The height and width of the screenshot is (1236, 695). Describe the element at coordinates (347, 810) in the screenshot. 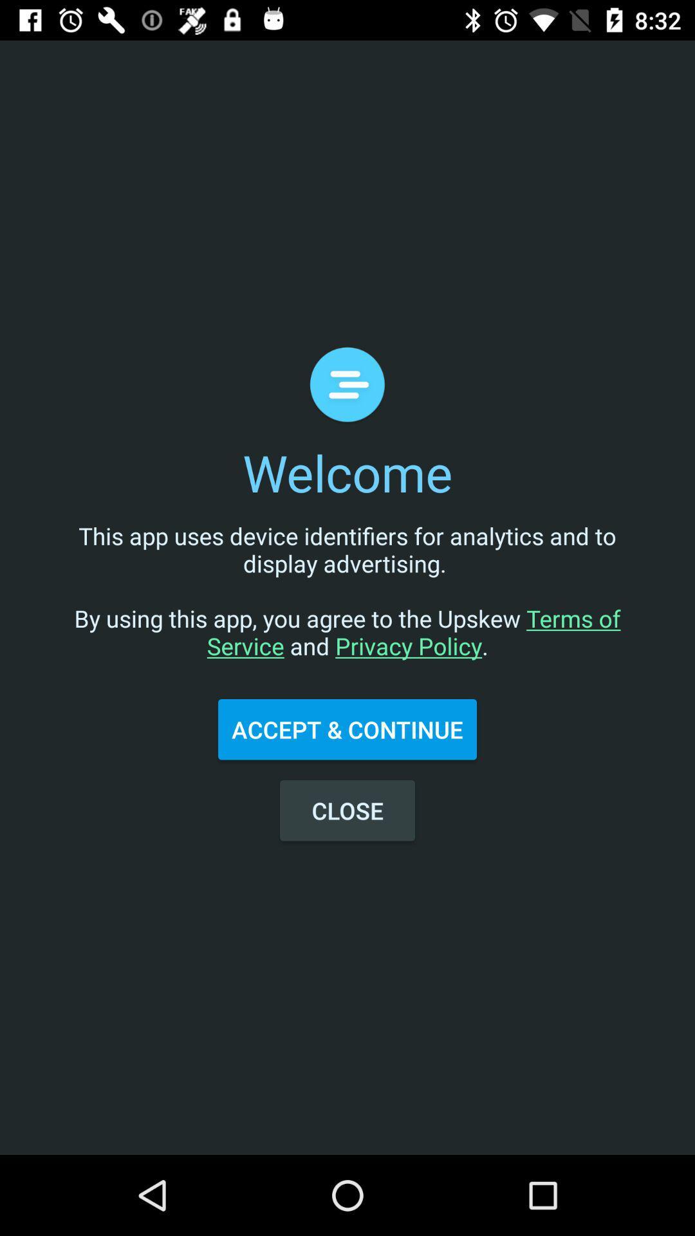

I see `icon below the accept & continue icon` at that location.